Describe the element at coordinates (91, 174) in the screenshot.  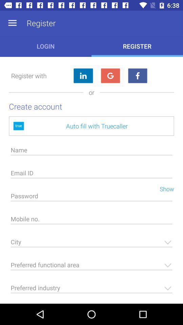
I see `email id` at that location.